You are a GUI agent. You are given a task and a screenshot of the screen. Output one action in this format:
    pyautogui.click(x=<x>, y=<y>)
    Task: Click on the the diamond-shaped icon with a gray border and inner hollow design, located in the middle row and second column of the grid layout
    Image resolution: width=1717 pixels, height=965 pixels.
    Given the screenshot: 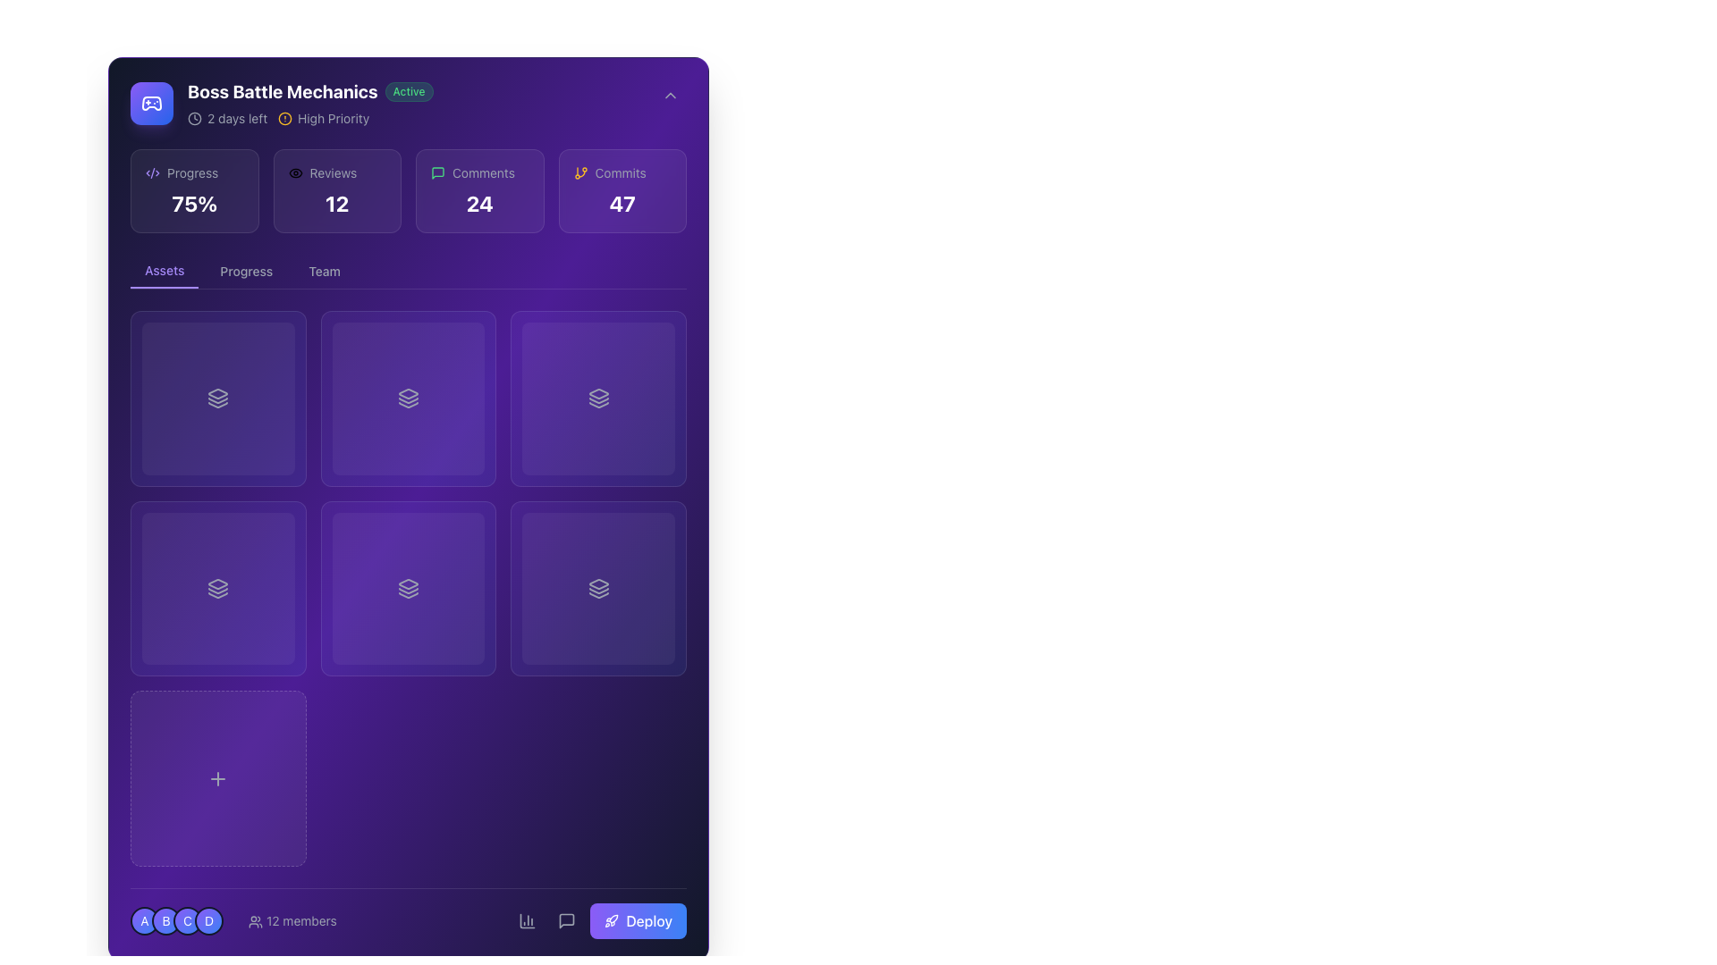 What is the action you would take?
    pyautogui.click(x=407, y=584)
    